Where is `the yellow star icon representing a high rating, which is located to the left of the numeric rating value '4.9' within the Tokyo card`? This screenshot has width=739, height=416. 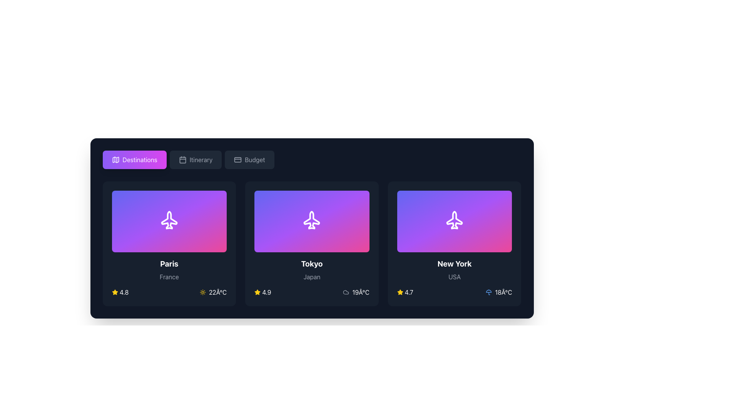 the yellow star icon representing a high rating, which is located to the left of the numeric rating value '4.9' within the Tokyo card is located at coordinates (257, 292).